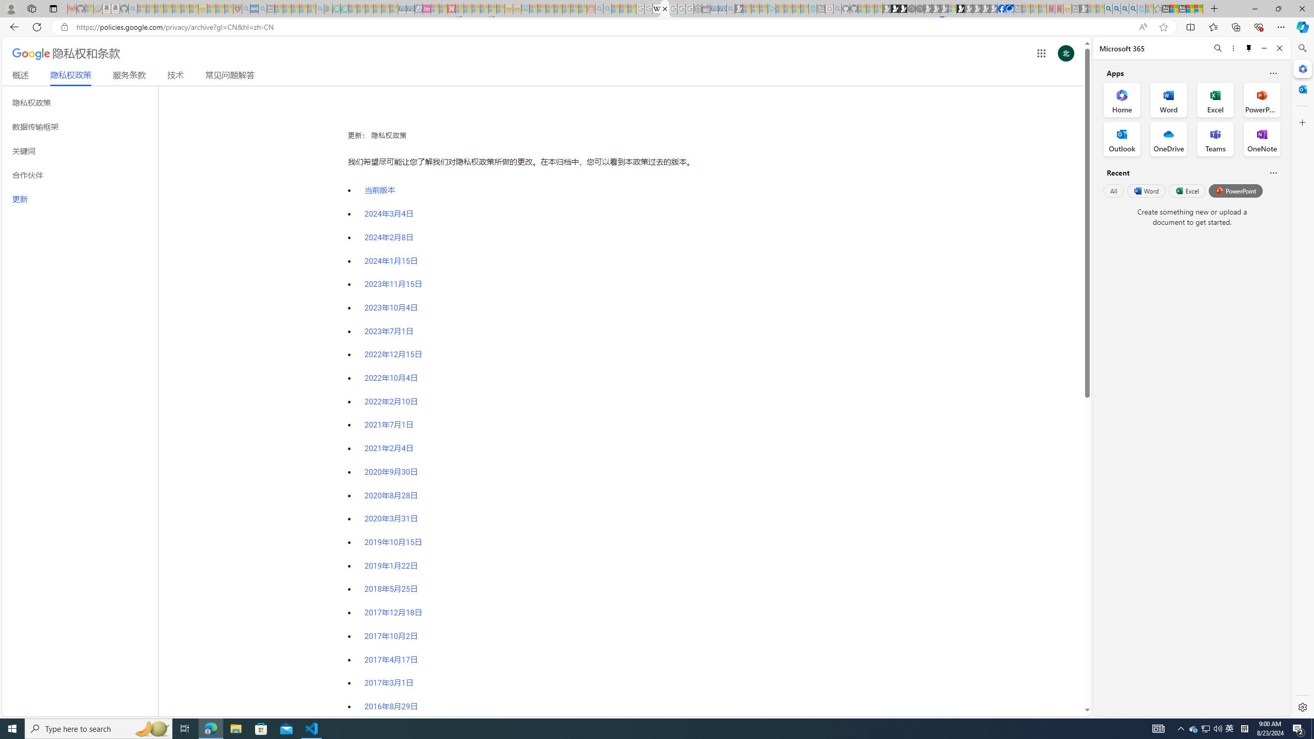 This screenshot has width=1314, height=739. What do you see at coordinates (1002, 8) in the screenshot?
I see `'Nordace | Facebook'` at bounding box center [1002, 8].